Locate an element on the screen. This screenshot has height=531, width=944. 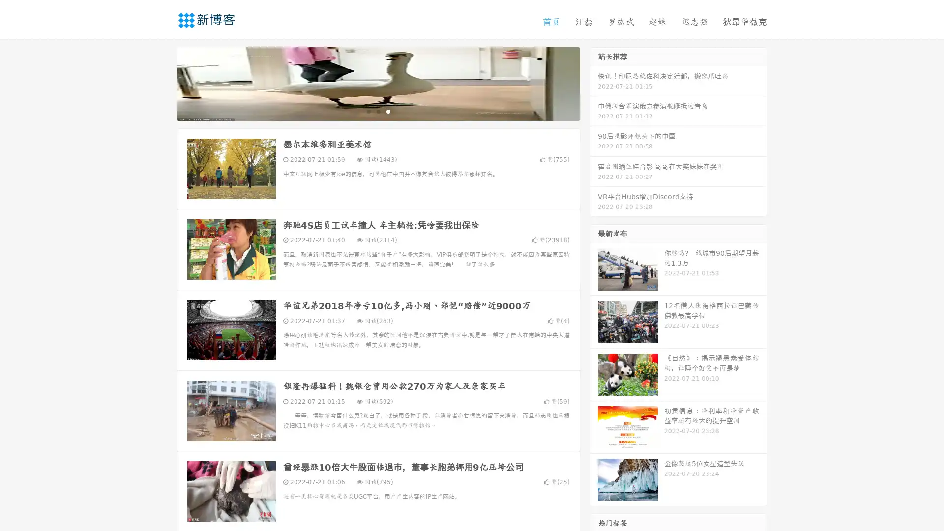
Next slide is located at coordinates (594, 83).